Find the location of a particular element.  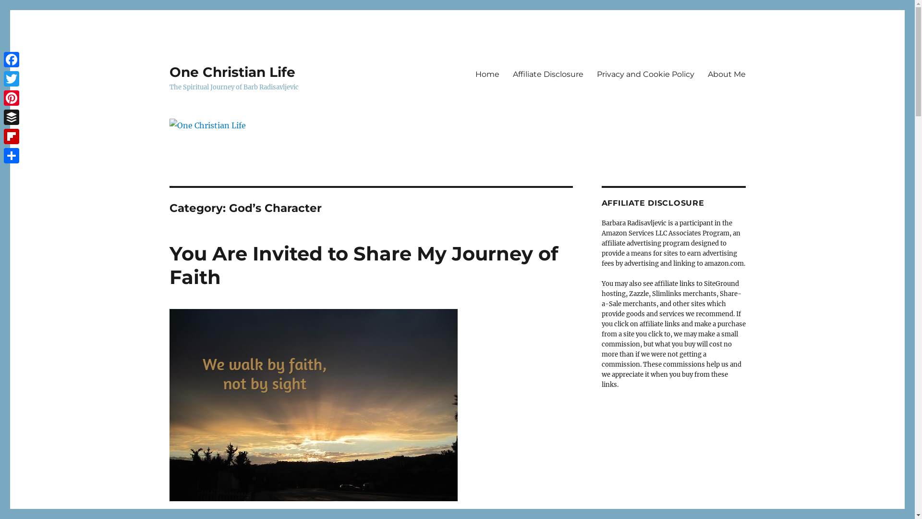

'Pinterest' is located at coordinates (12, 98).